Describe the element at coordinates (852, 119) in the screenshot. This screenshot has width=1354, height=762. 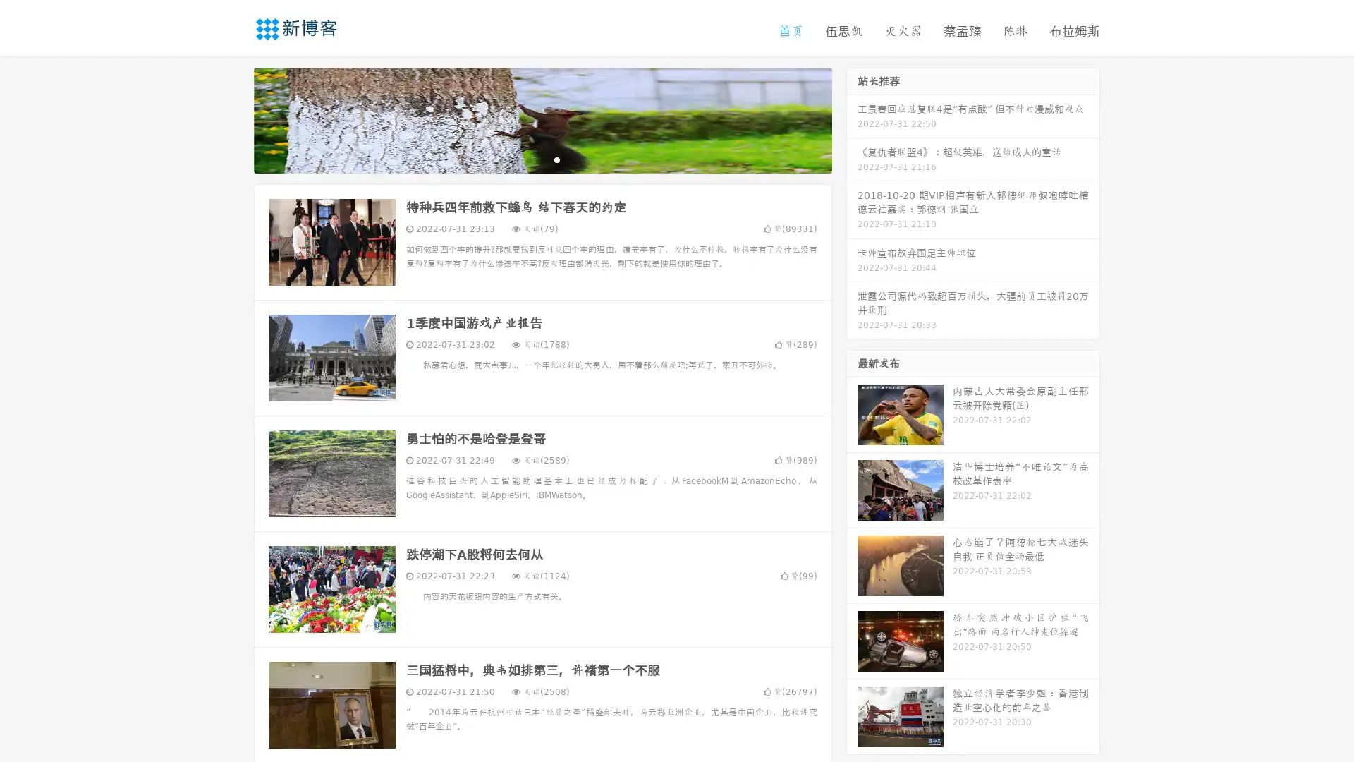
I see `Next slide` at that location.